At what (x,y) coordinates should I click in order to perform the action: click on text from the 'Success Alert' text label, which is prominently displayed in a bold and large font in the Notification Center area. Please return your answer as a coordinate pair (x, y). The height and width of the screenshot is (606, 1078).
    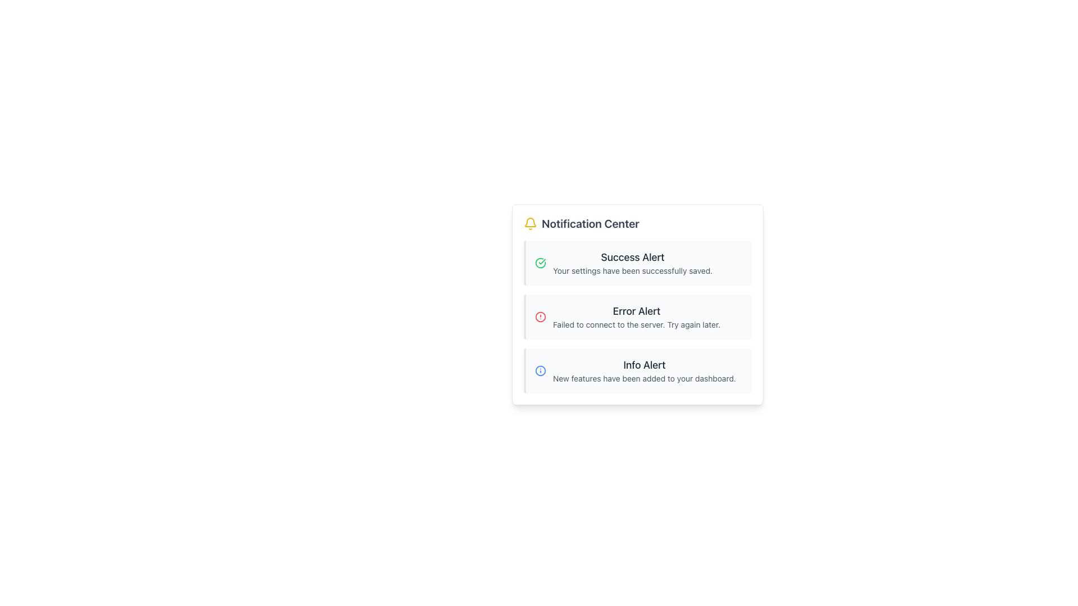
    Looking at the image, I should click on (633, 258).